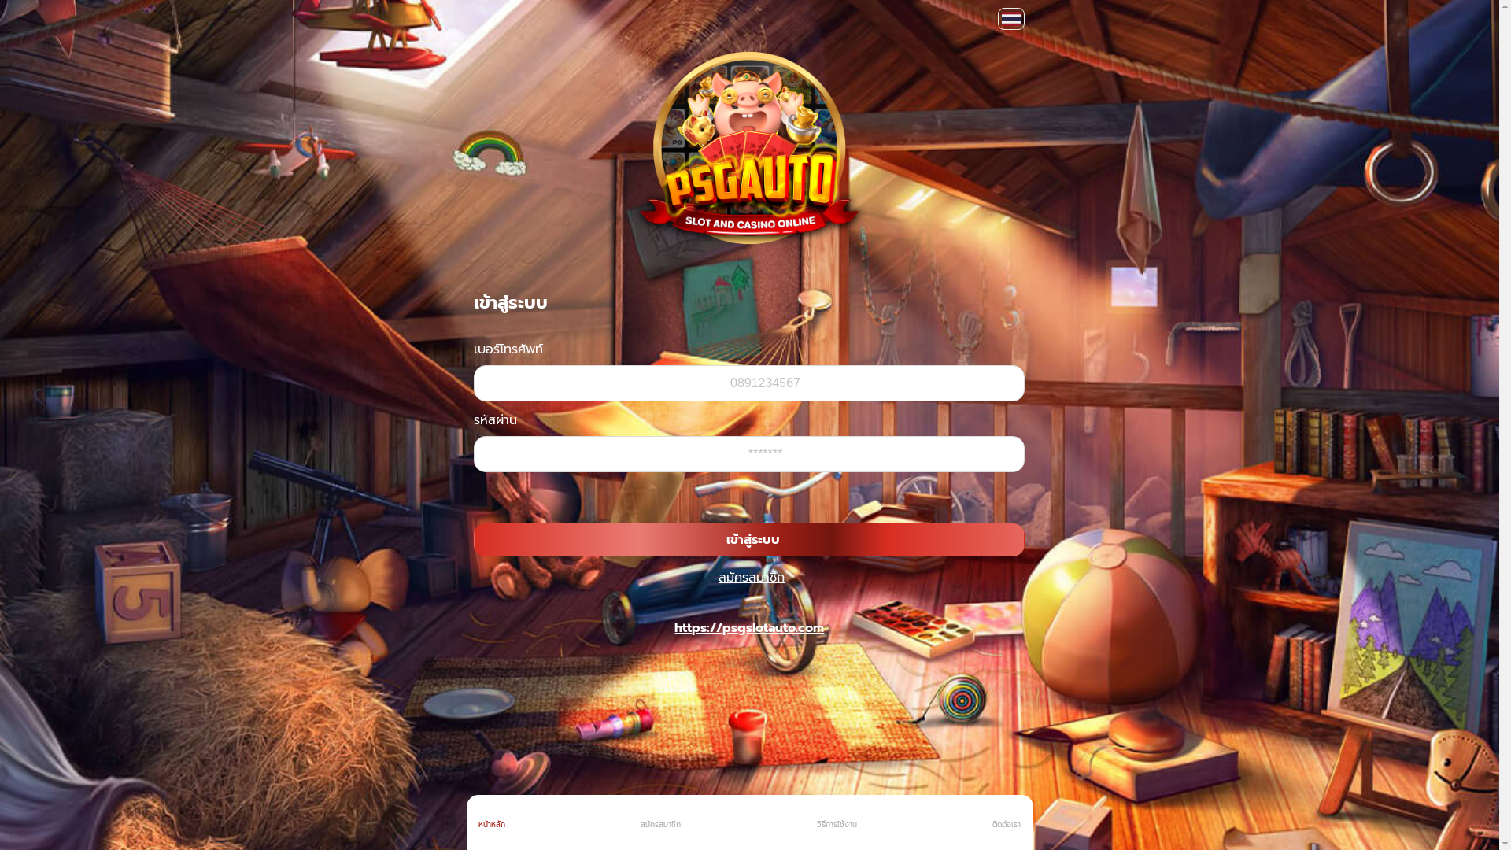  Describe the element at coordinates (748, 627) in the screenshot. I see `'https://psgslotauto.com'` at that location.